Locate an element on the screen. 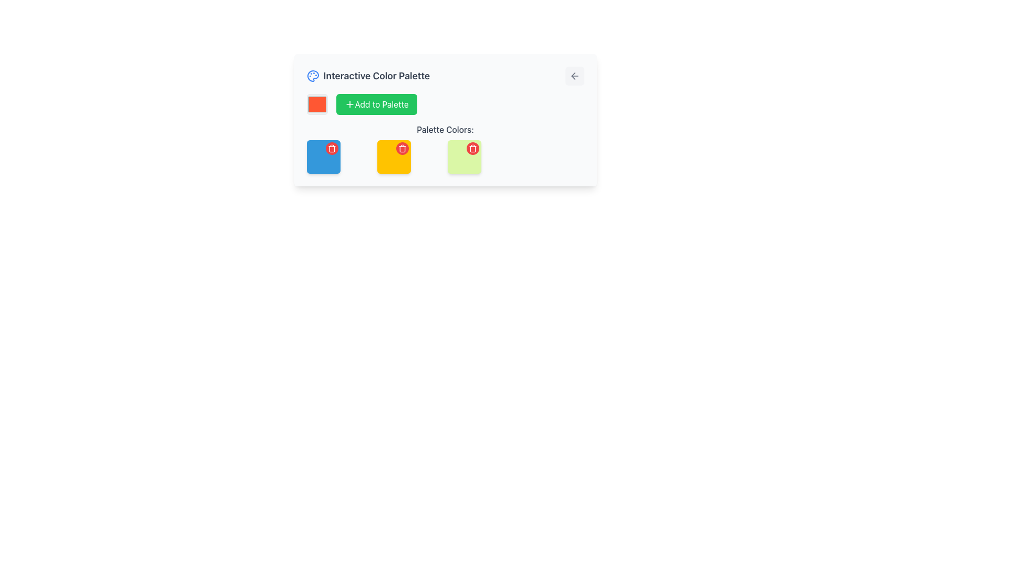  the leftward arrow icon located in the upper-right corner of the interface, which has a gray color and minimalistic design is located at coordinates (574, 76).